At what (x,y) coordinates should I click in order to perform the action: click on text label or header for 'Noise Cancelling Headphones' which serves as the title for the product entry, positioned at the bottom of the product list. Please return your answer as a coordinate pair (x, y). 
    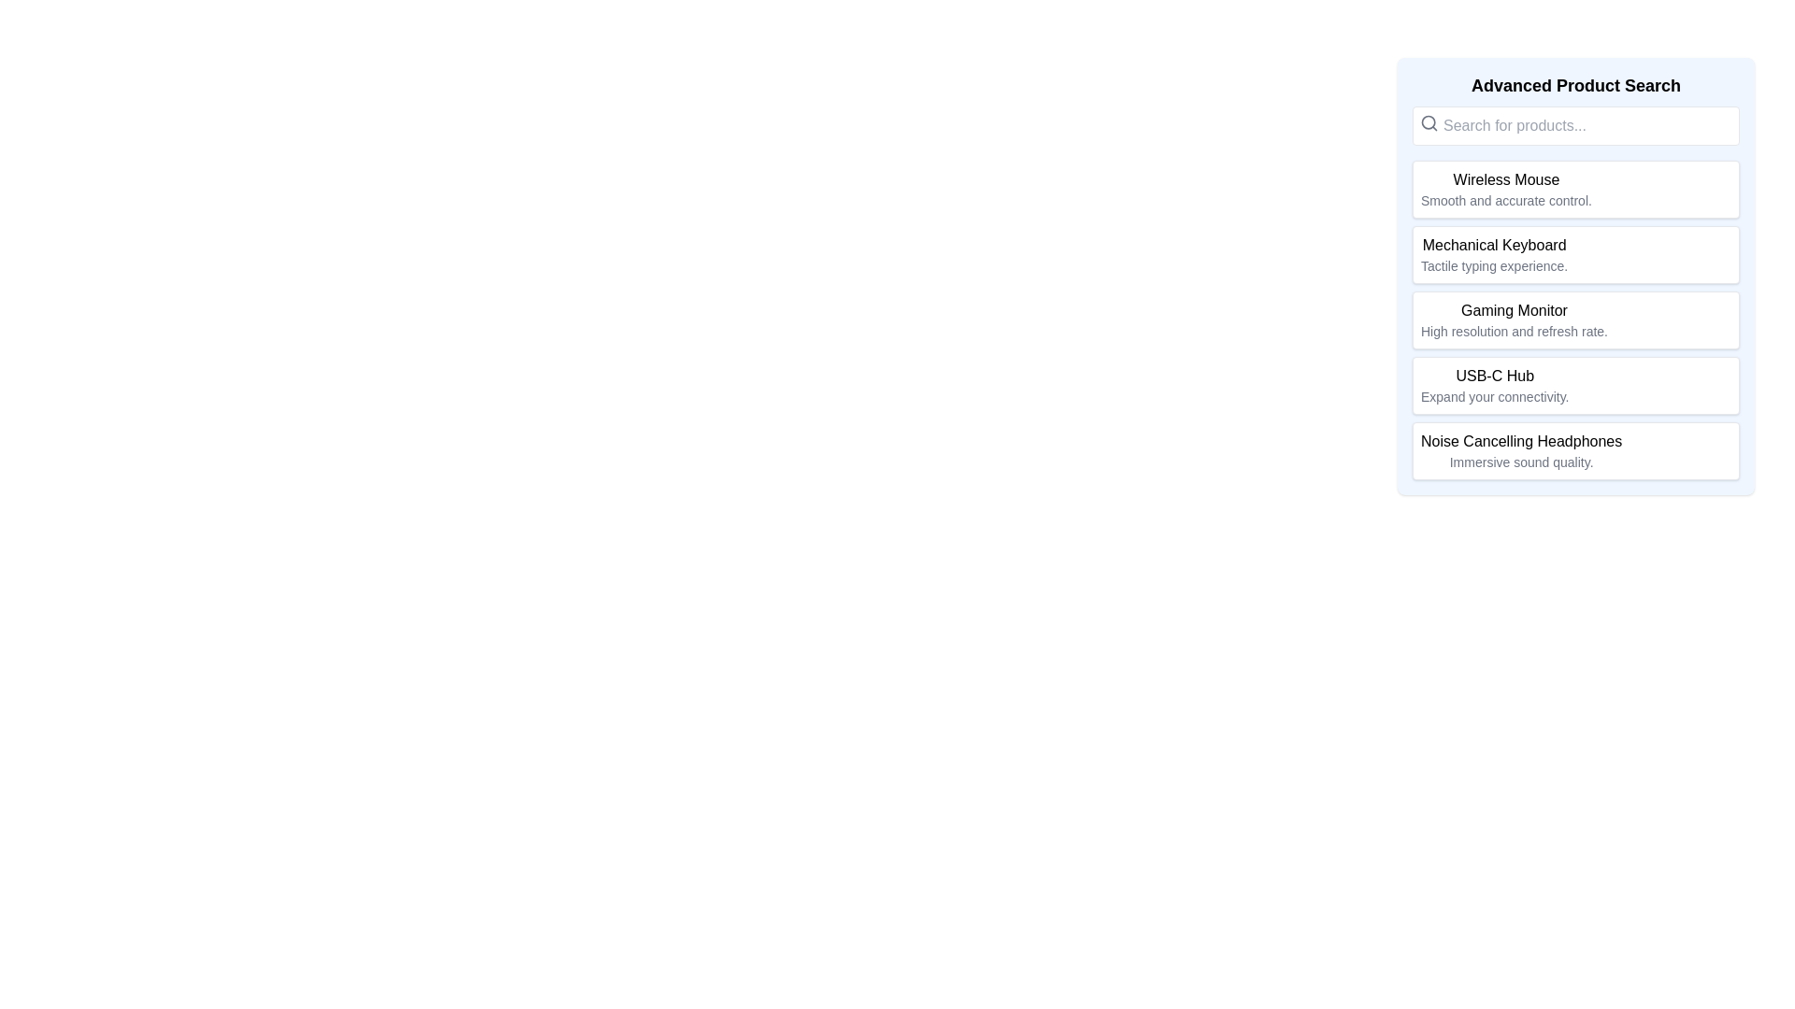
    Looking at the image, I should click on (1521, 442).